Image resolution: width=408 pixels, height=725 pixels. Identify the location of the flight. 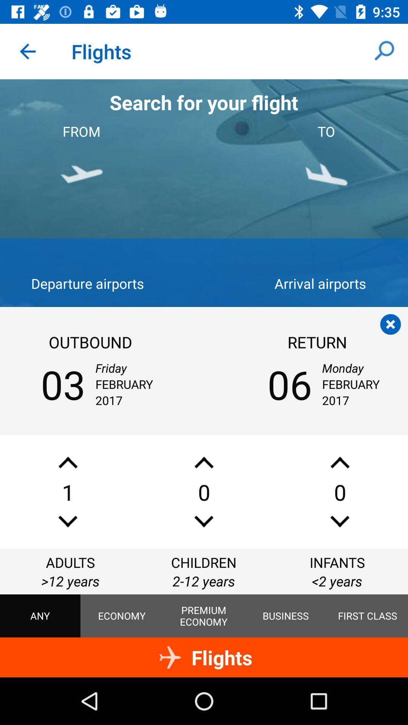
(390, 324).